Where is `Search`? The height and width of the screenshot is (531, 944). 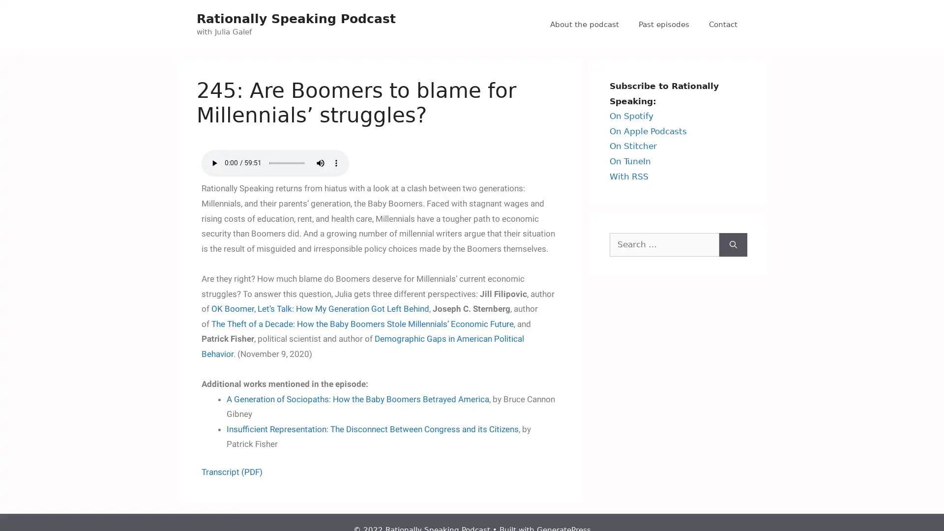 Search is located at coordinates (733, 244).